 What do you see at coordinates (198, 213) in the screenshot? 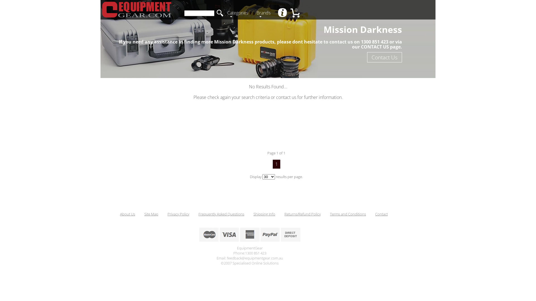
I see `'Frequently Asked Questions'` at bounding box center [198, 213].